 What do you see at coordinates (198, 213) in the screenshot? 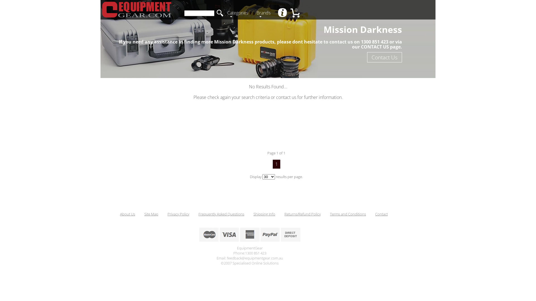
I see `'Frequently Asked Questions'` at bounding box center [198, 213].